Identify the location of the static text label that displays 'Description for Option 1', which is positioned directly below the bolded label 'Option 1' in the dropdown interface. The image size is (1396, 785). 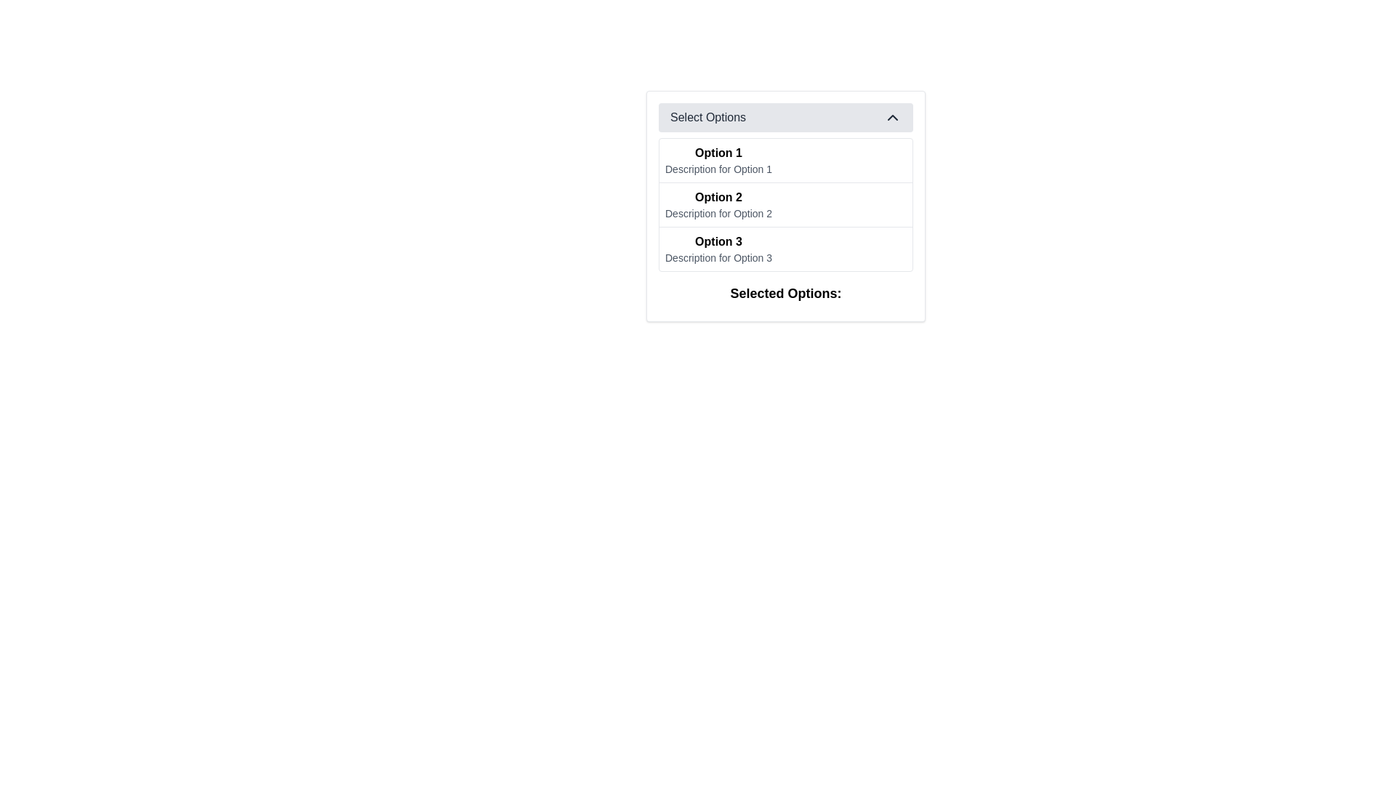
(718, 168).